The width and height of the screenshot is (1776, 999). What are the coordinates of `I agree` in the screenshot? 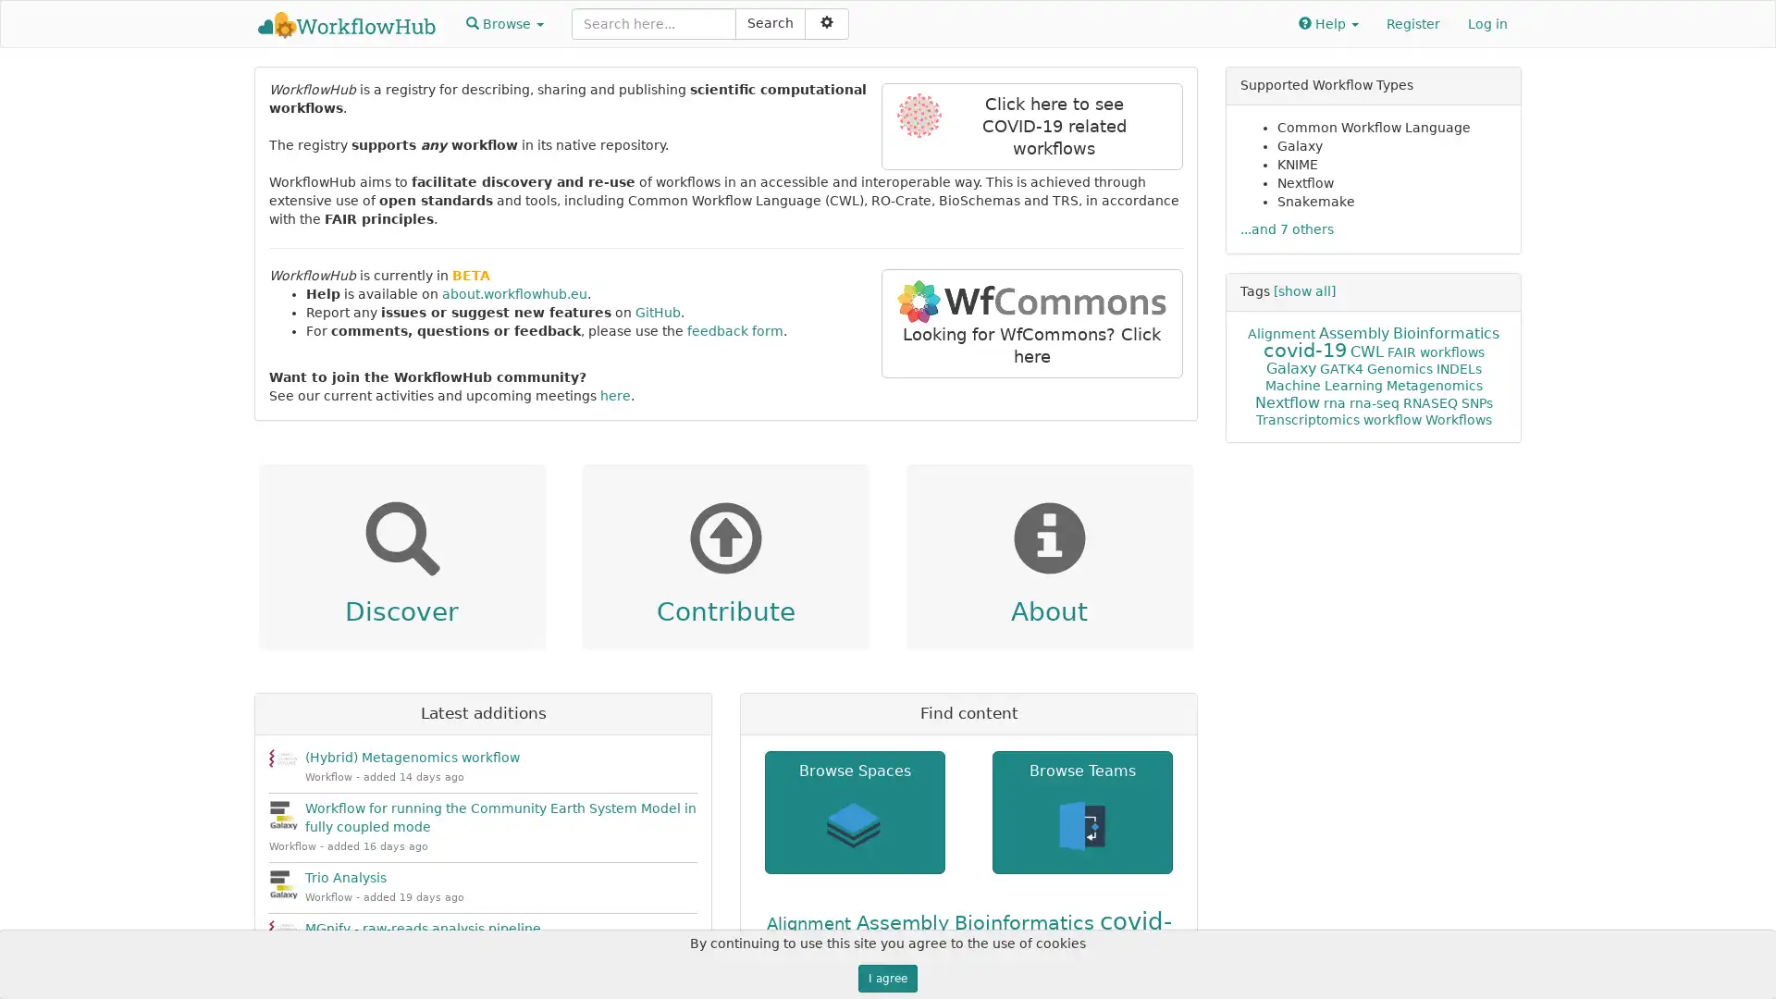 It's located at (888, 977).